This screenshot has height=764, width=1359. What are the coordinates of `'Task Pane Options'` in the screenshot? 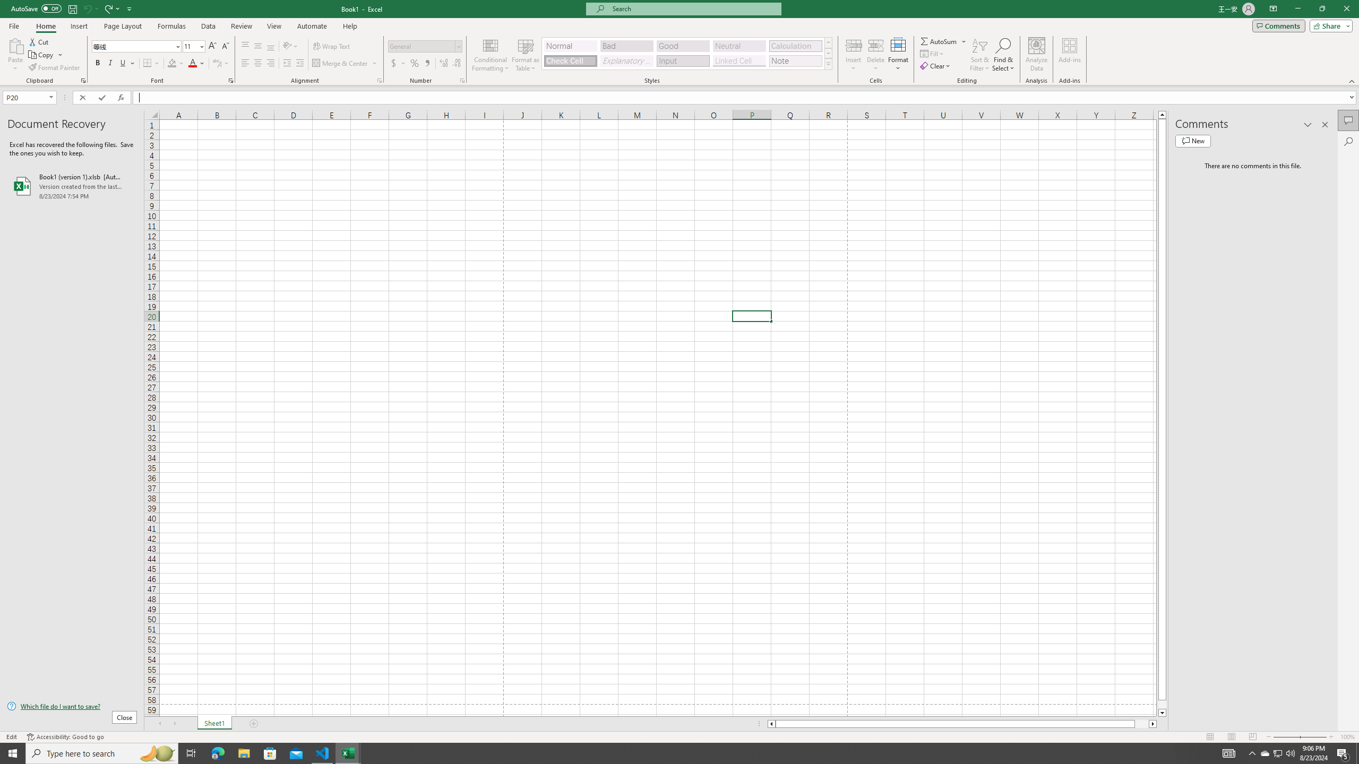 It's located at (1308, 124).